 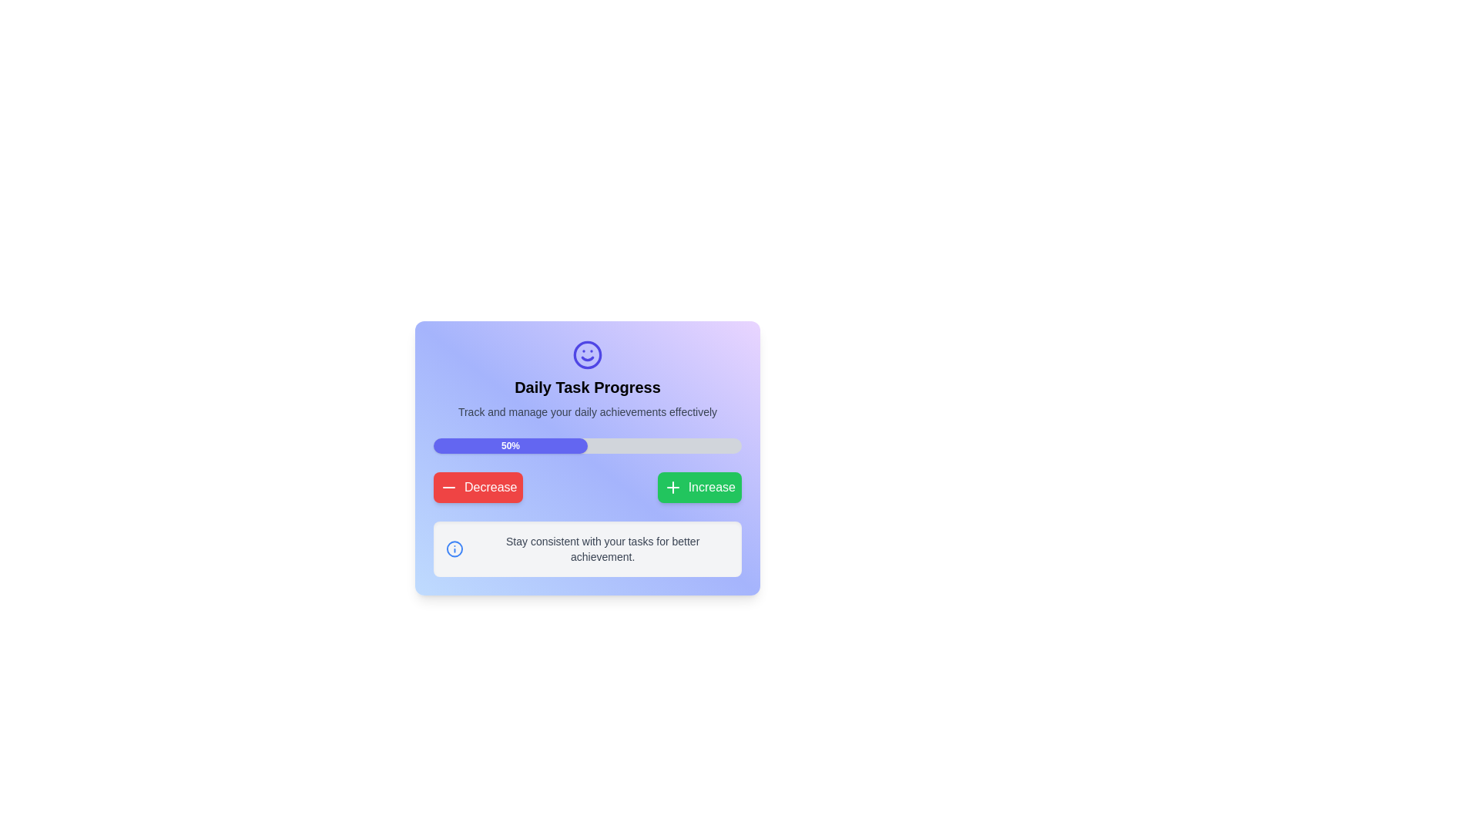 What do you see at coordinates (587, 411) in the screenshot?
I see `the Text Label that provides a descriptive subtitle for the 'Daily Task Progress' feature, located centrally beneath the main title within the card interface` at bounding box center [587, 411].